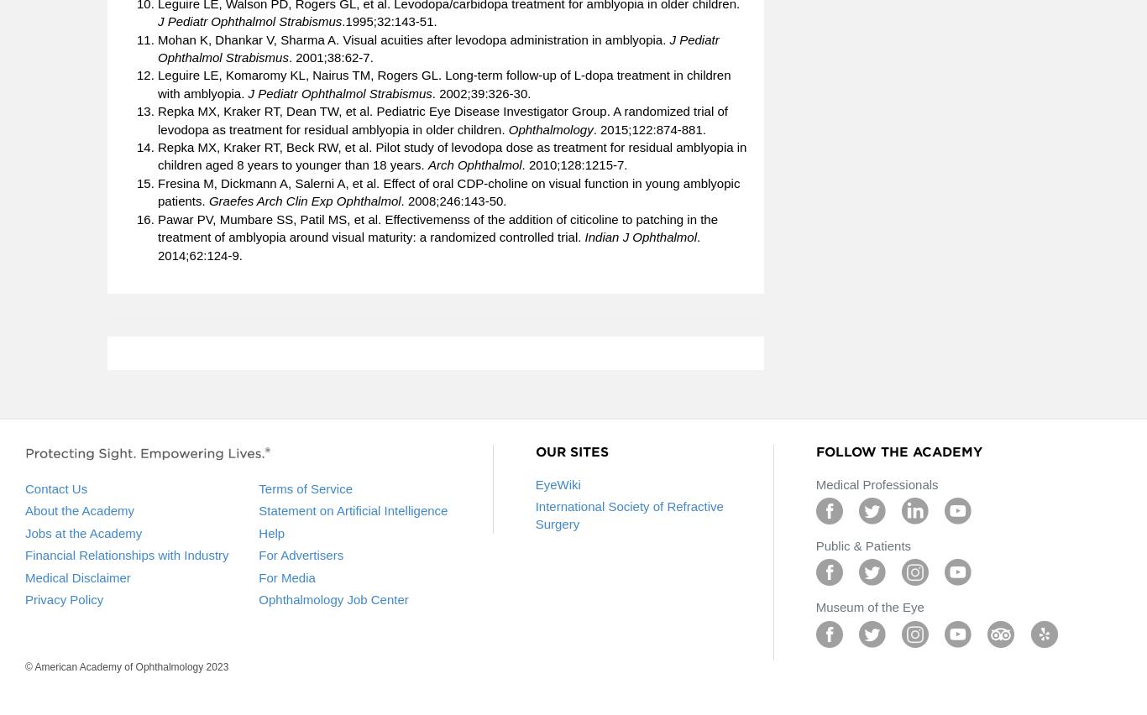 The width and height of the screenshot is (1147, 715). I want to click on 'For Advertisers', so click(300, 554).